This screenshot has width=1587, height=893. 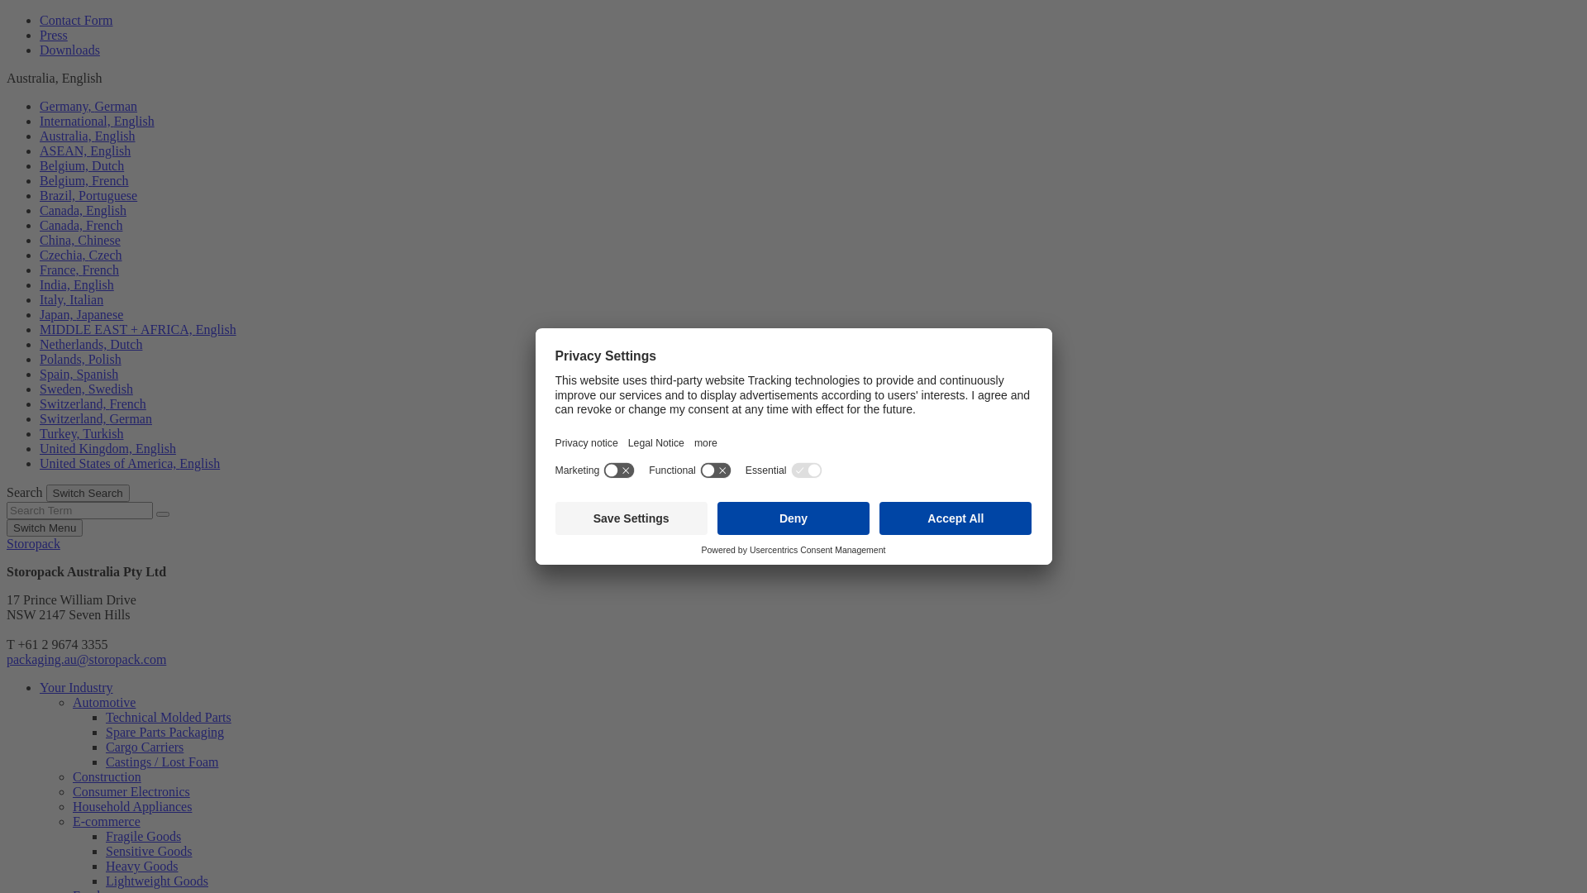 What do you see at coordinates (130, 790) in the screenshot?
I see `'Consumer Electronics'` at bounding box center [130, 790].